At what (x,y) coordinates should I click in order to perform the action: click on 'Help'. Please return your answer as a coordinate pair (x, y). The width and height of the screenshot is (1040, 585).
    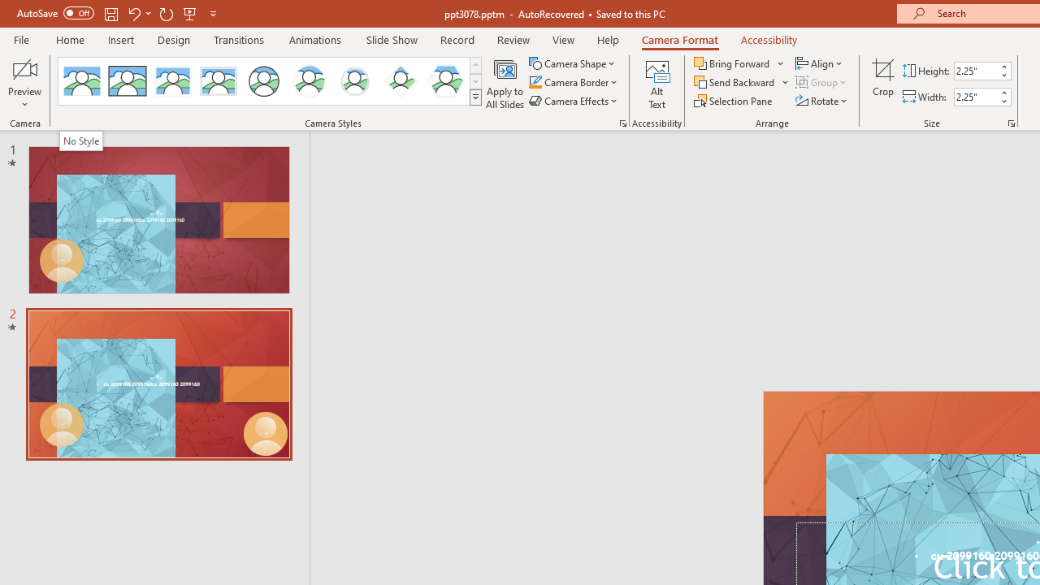
    Looking at the image, I should click on (607, 39).